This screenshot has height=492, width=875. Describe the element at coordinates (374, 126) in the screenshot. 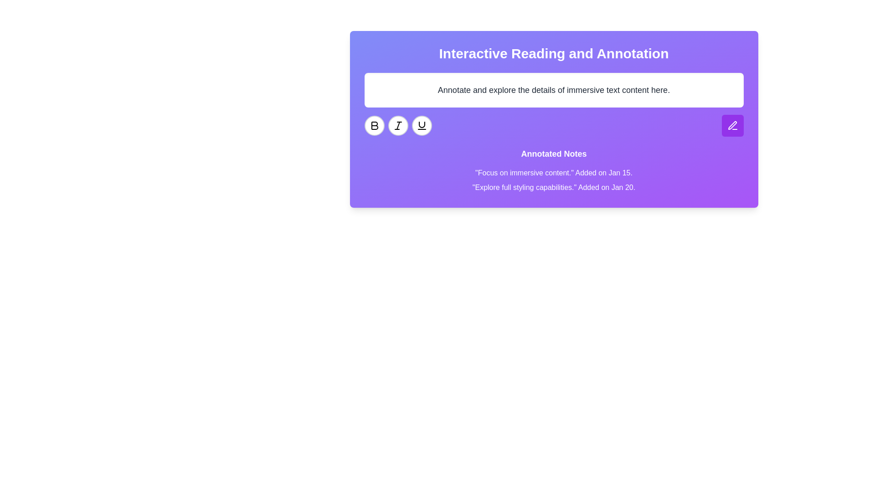

I see `the bold formatting icon, which is the first icon in the toolbar below the text input field` at that location.